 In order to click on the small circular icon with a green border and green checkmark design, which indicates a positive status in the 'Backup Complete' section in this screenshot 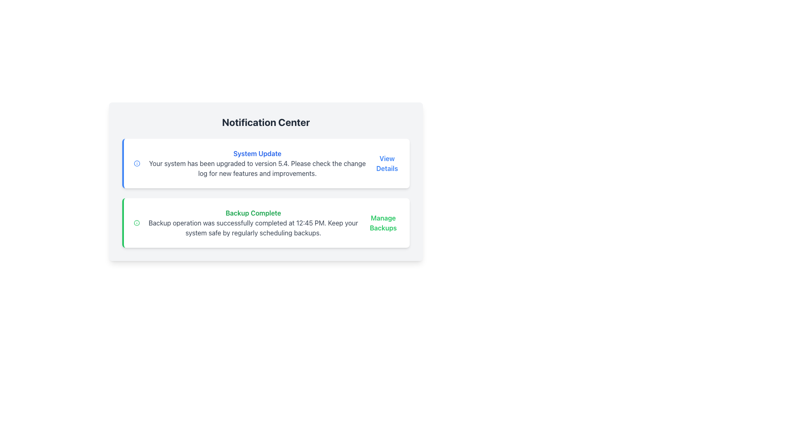, I will do `click(137, 223)`.